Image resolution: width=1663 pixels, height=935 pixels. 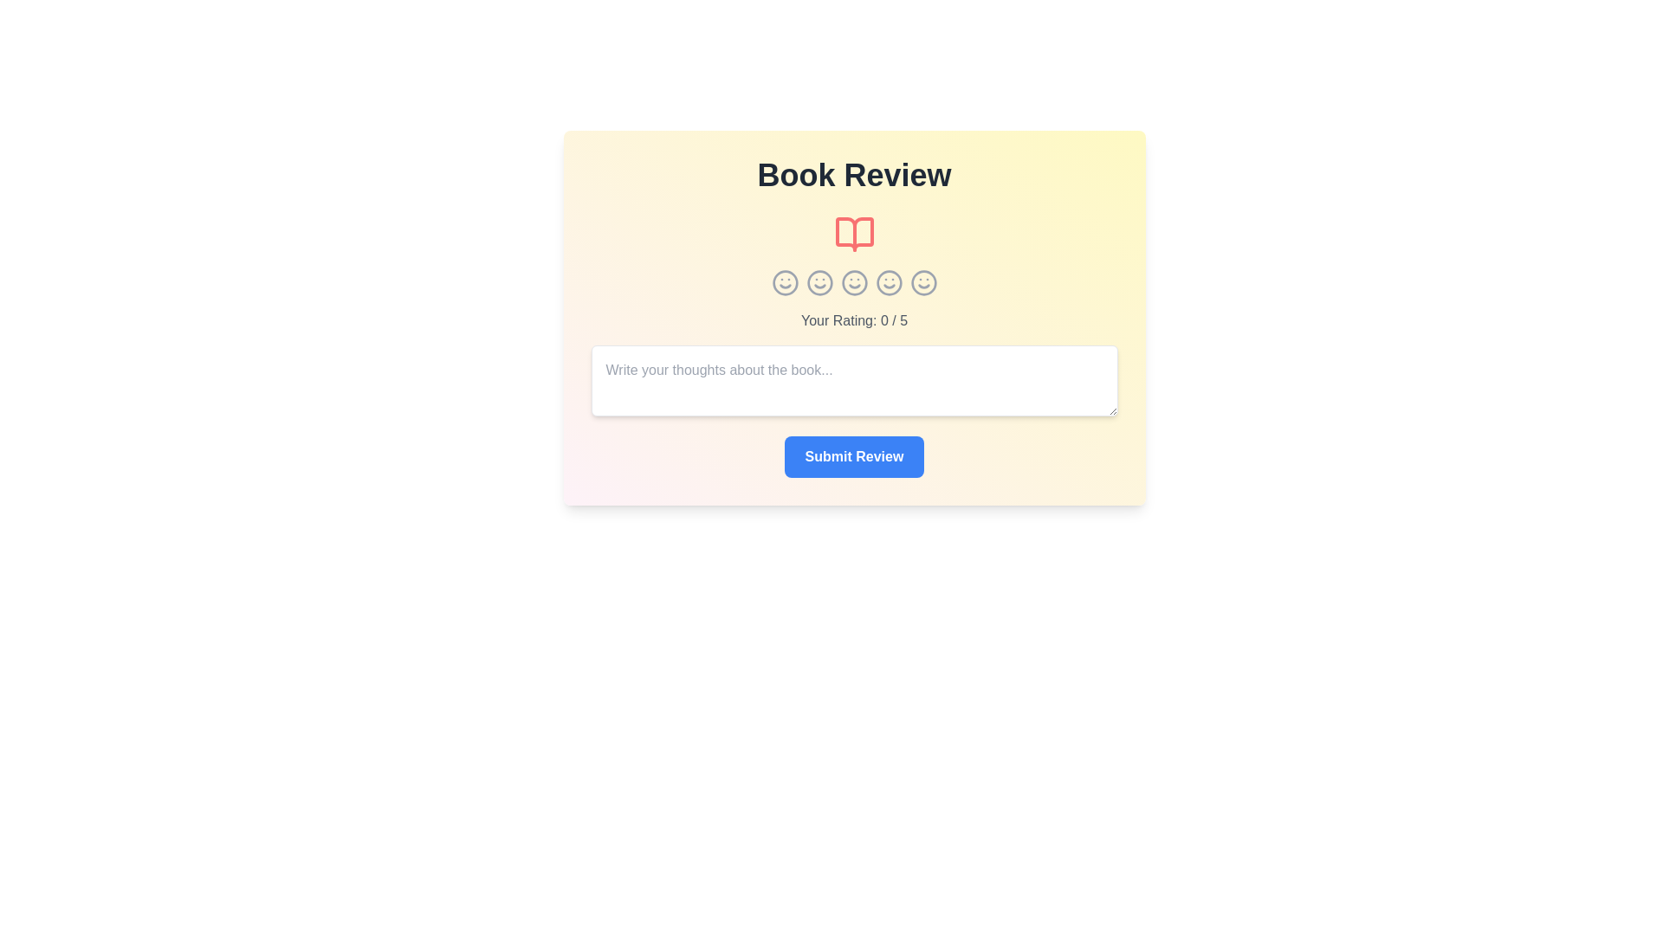 What do you see at coordinates (784, 282) in the screenshot?
I see `the star icon corresponding to the rating 1 to set the rating` at bounding box center [784, 282].